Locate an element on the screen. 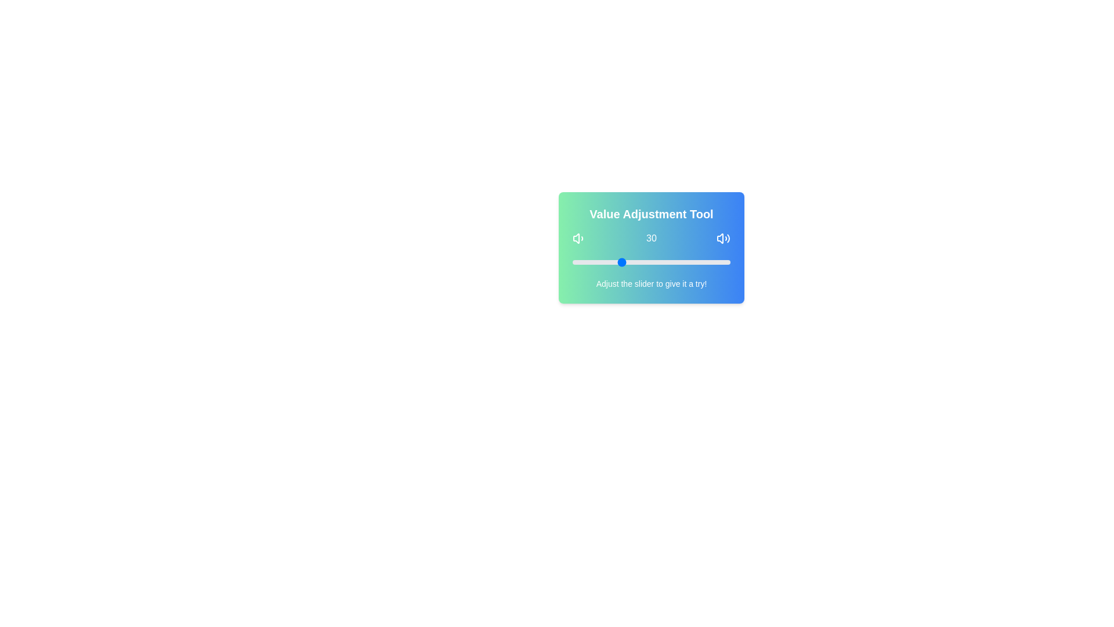 The width and height of the screenshot is (1114, 627). the slider is located at coordinates (698, 262).